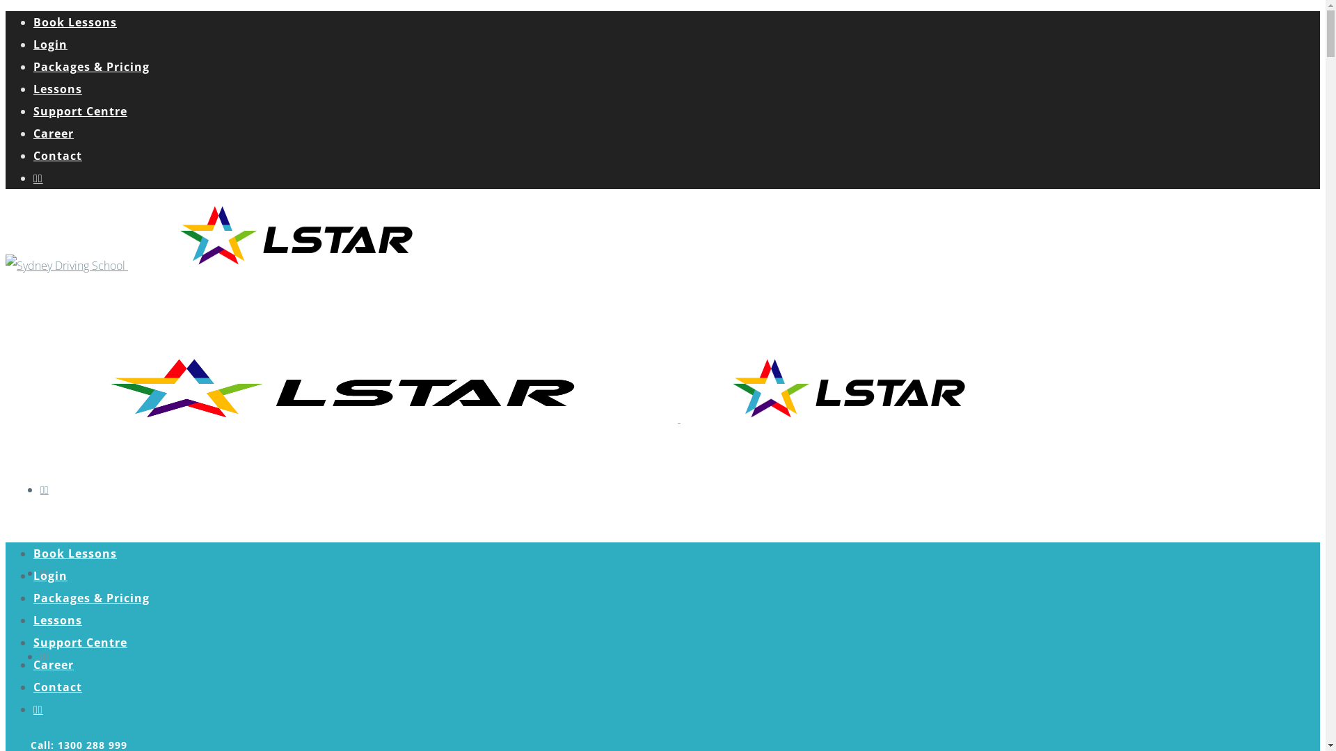  I want to click on 'Lessons', so click(56, 619).